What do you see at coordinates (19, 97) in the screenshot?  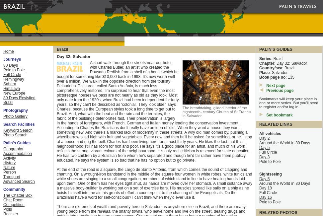 I see `'80 Days Revisited'` at bounding box center [19, 97].